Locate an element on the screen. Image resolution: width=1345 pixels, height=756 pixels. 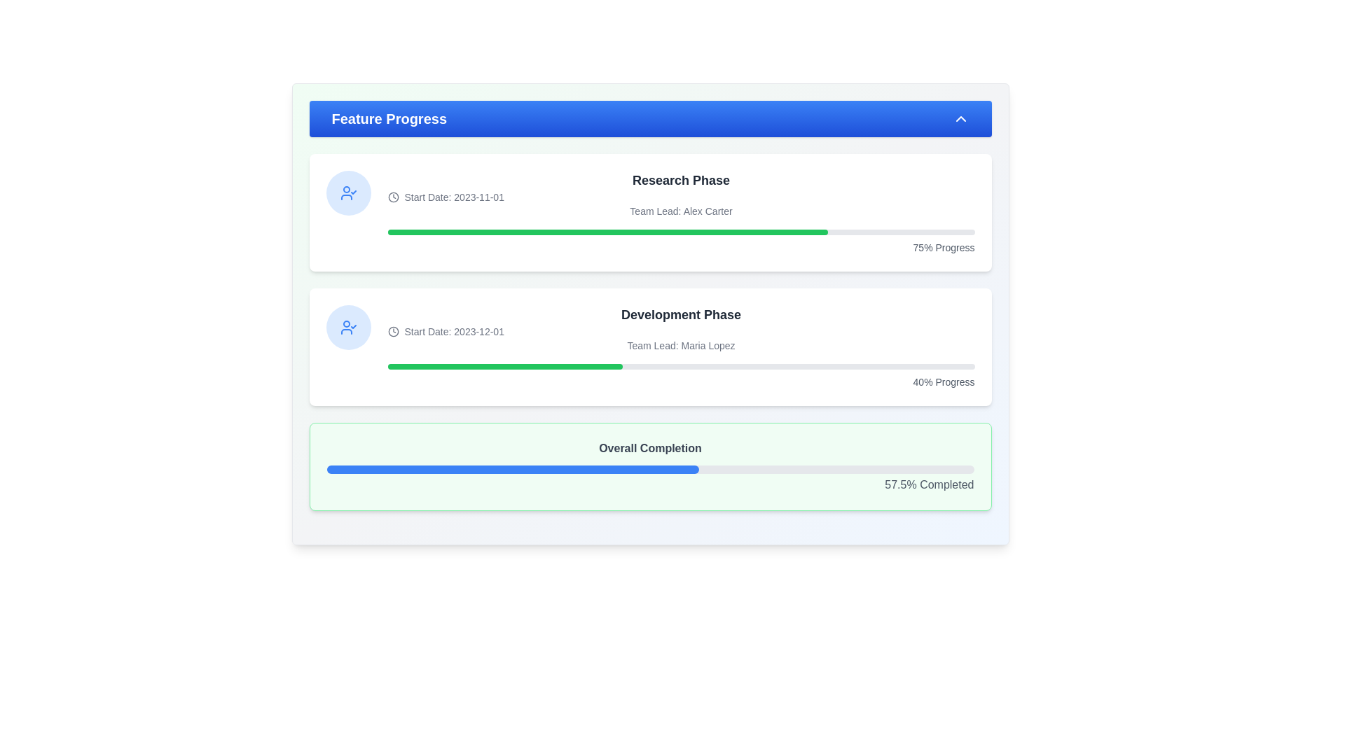
the 'Overall Completion' static text label, which is a bold gray font on a light green background, positioned above a progress bar is located at coordinates (649, 448).